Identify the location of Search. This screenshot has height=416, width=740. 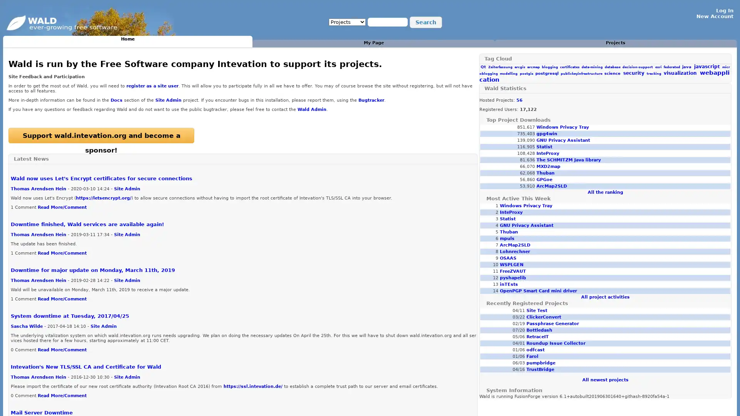
(425, 22).